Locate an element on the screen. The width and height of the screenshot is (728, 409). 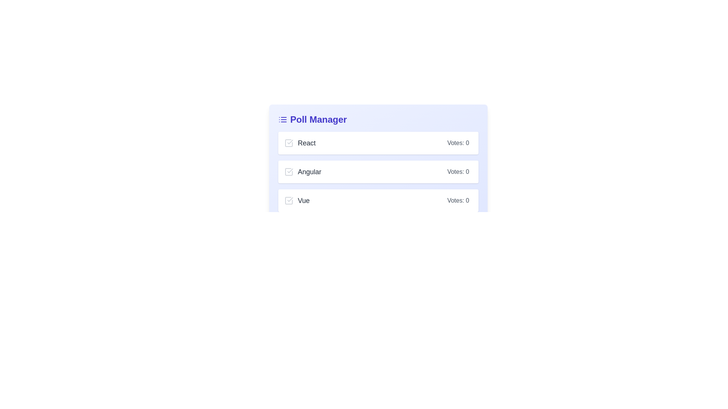
the vote count displayed in the list item for 'Vue', which shows 'Votes: 0' next to the checkmark icon is located at coordinates (378, 200).